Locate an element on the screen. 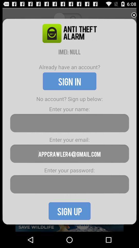 This screenshot has width=139, height=248. autoplay password is located at coordinates (69, 184).